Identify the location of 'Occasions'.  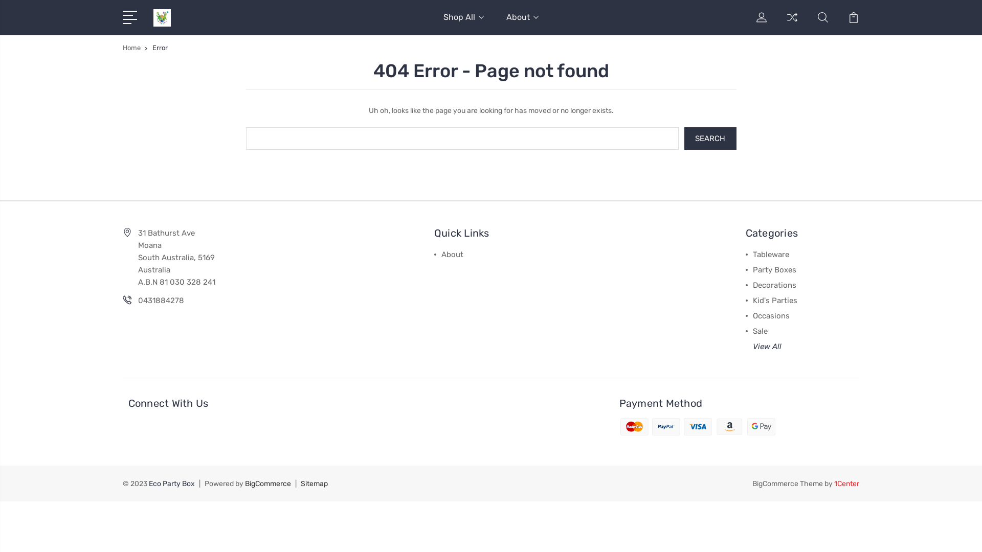
(771, 315).